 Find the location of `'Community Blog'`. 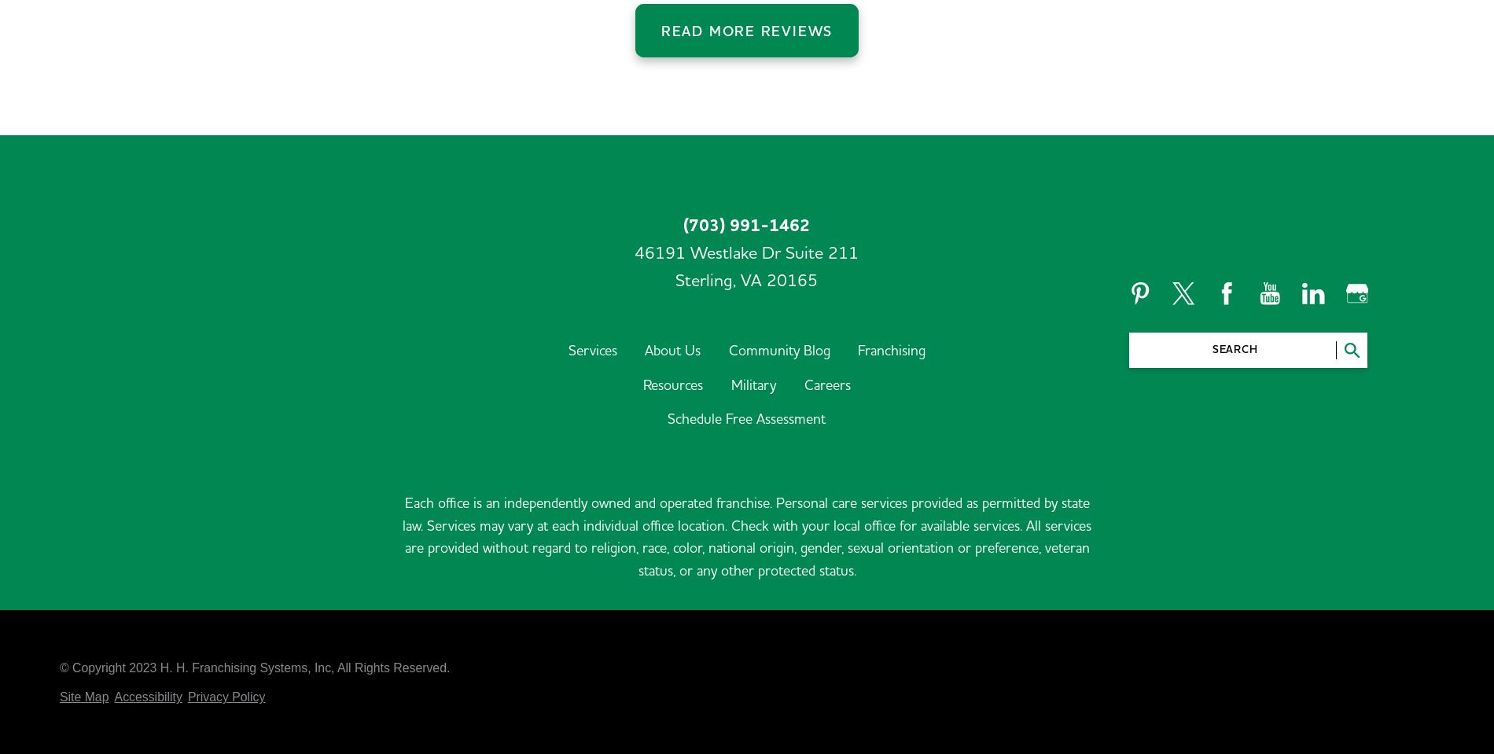

'Community Blog' is located at coordinates (727, 247).